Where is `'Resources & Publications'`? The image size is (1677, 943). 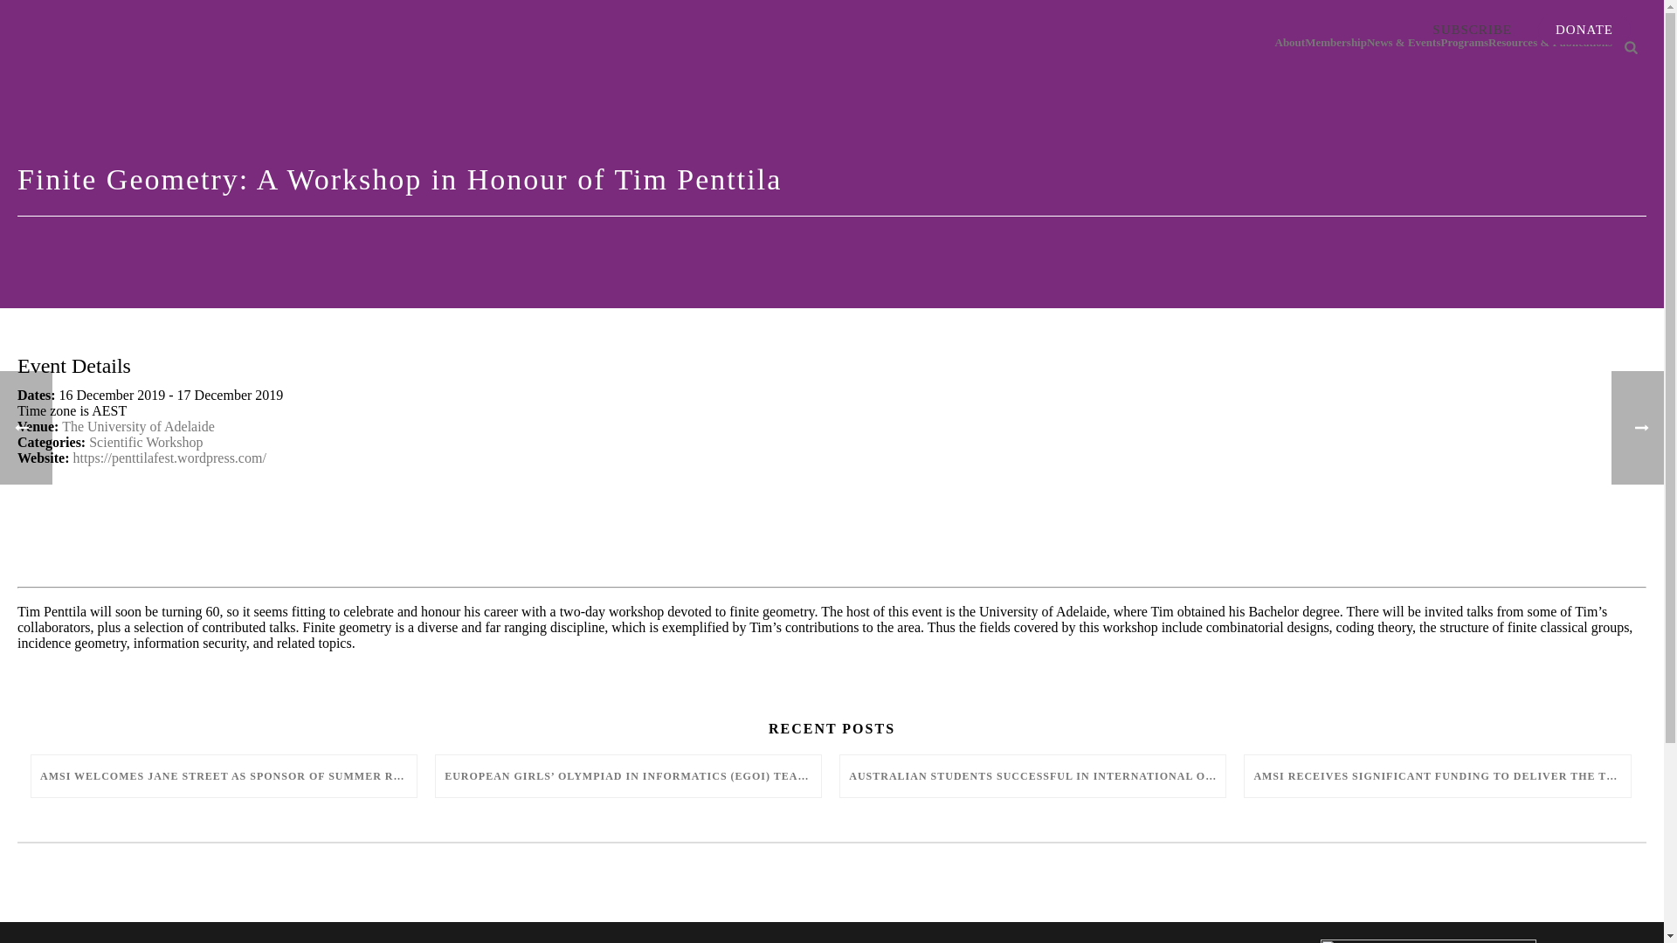 'Resources & Publications' is located at coordinates (1550, 43).